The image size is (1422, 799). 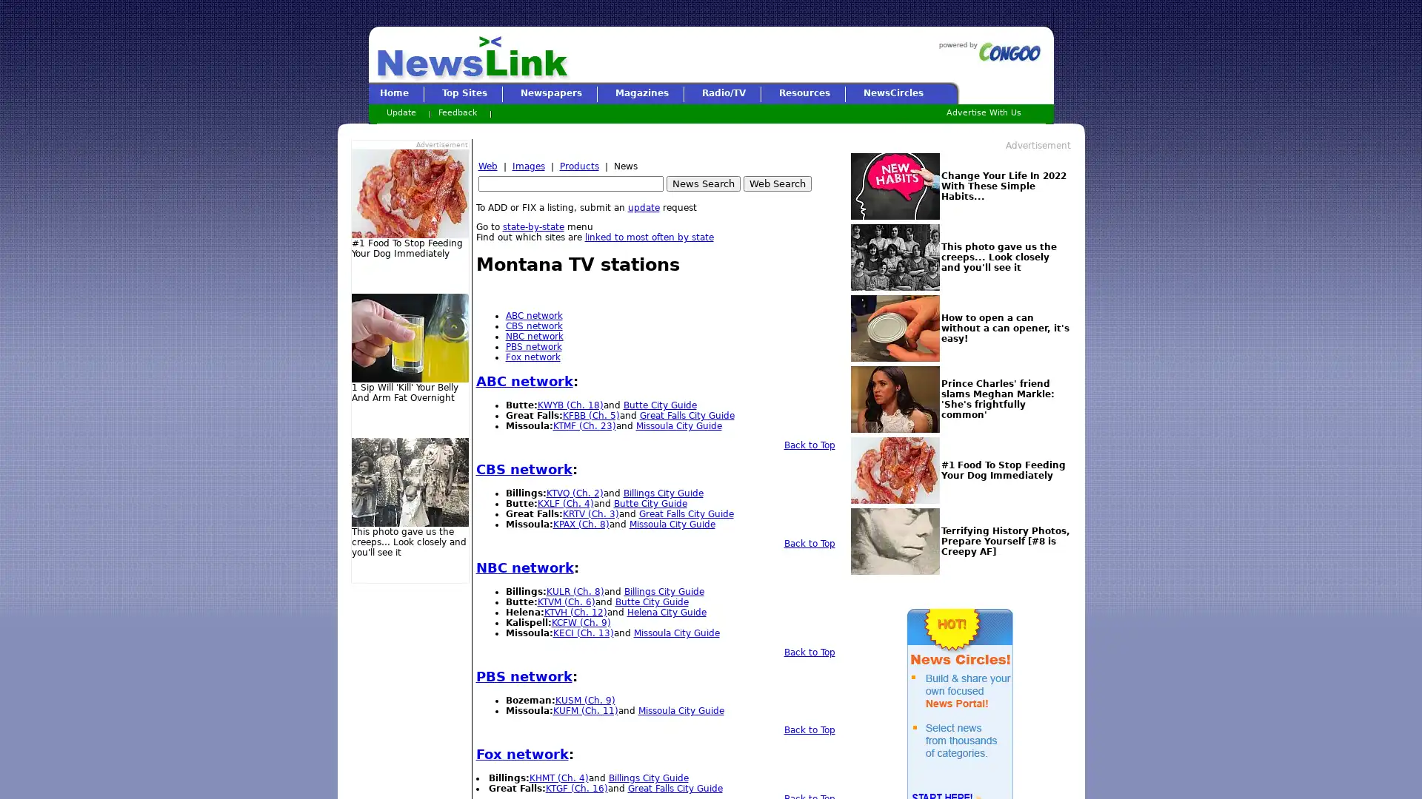 What do you see at coordinates (776, 183) in the screenshot?
I see `Web Search` at bounding box center [776, 183].